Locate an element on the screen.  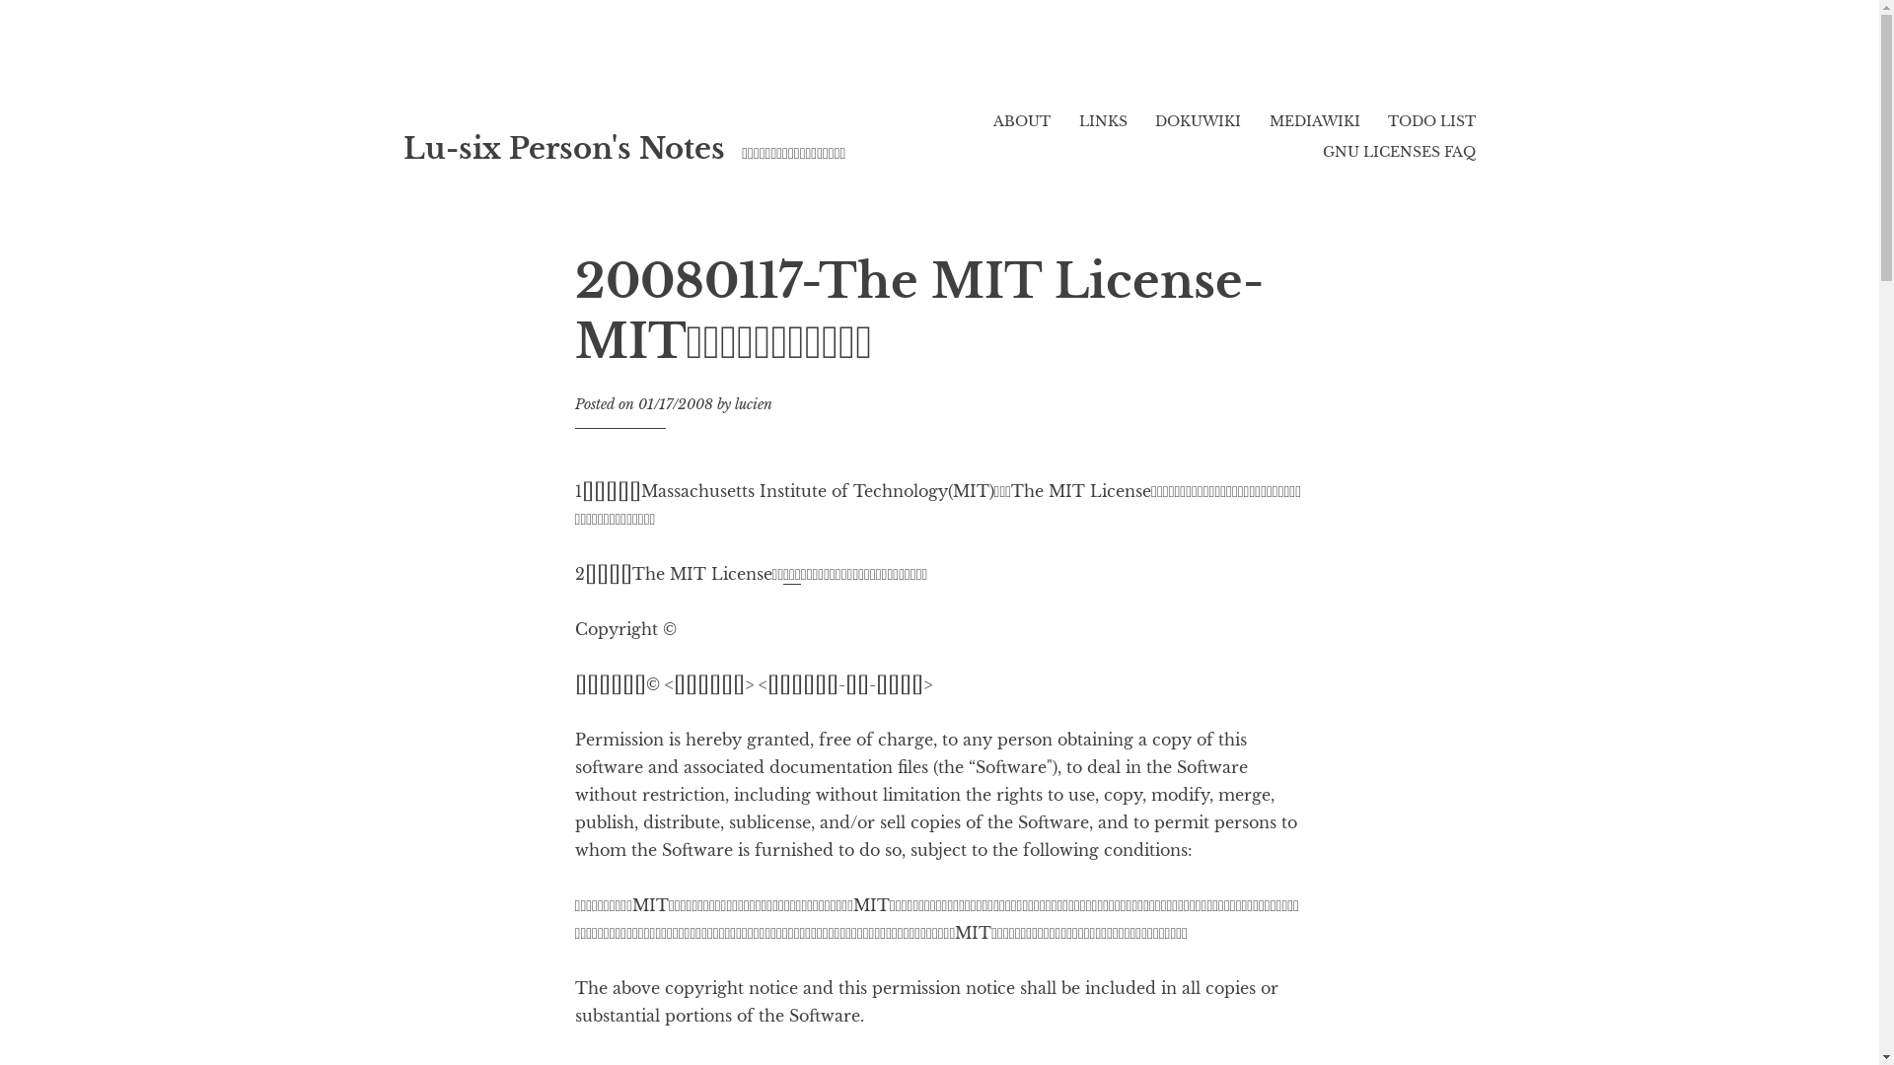
'MEDIAWIKI' is located at coordinates (1269, 121).